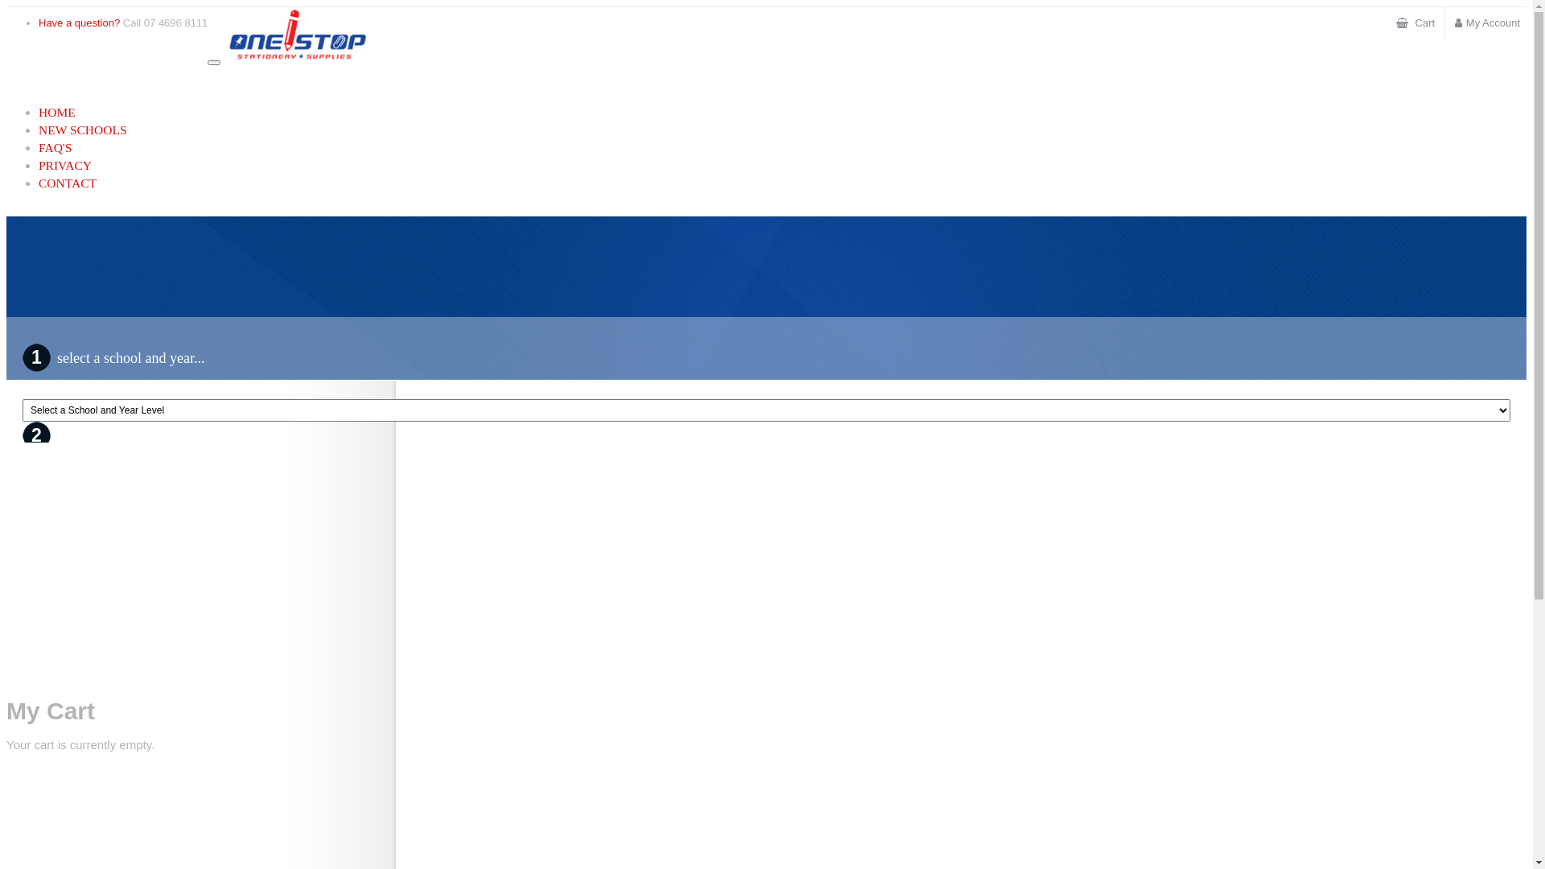 This screenshot has width=1545, height=869. What do you see at coordinates (1486, 23) in the screenshot?
I see `'My Account'` at bounding box center [1486, 23].